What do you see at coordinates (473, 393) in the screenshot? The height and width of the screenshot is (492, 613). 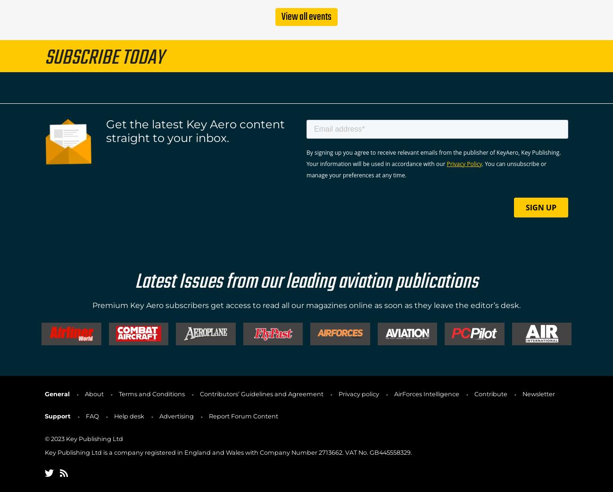 I see `'Contribute'` at bounding box center [473, 393].